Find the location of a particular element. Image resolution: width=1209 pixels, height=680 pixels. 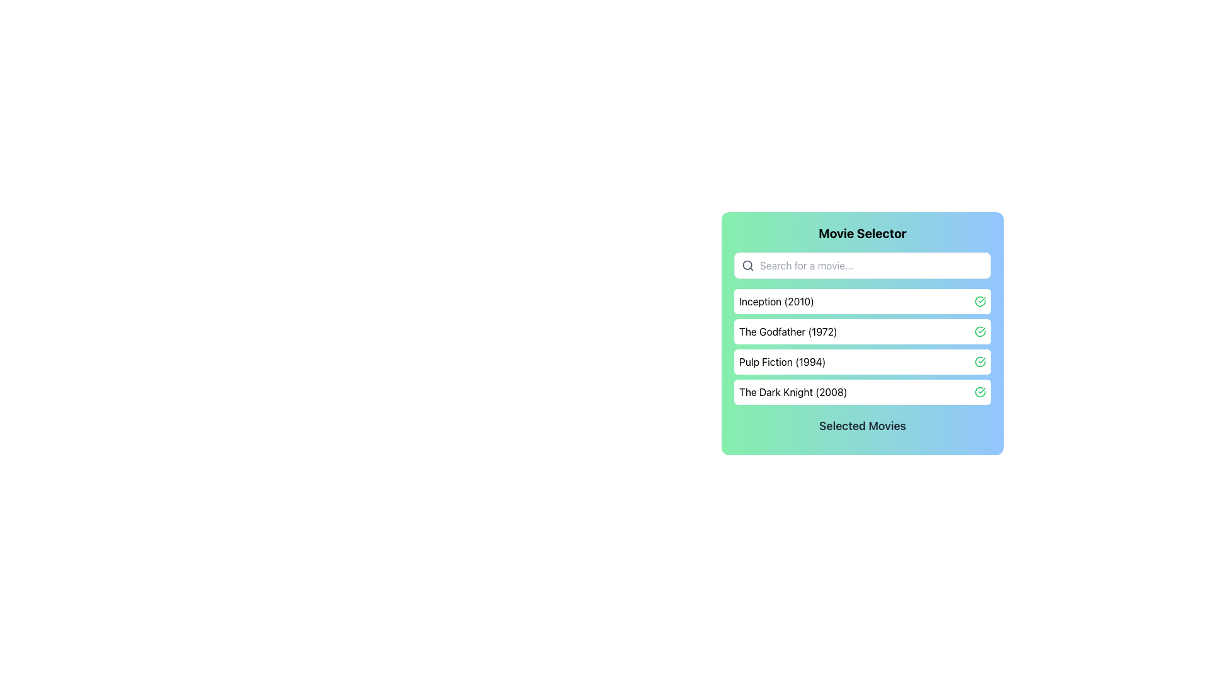

the selectable movie entry 'Pulp Fiction (1994)' in the interactive list within the 'Movie Selector' widget is located at coordinates (861, 361).